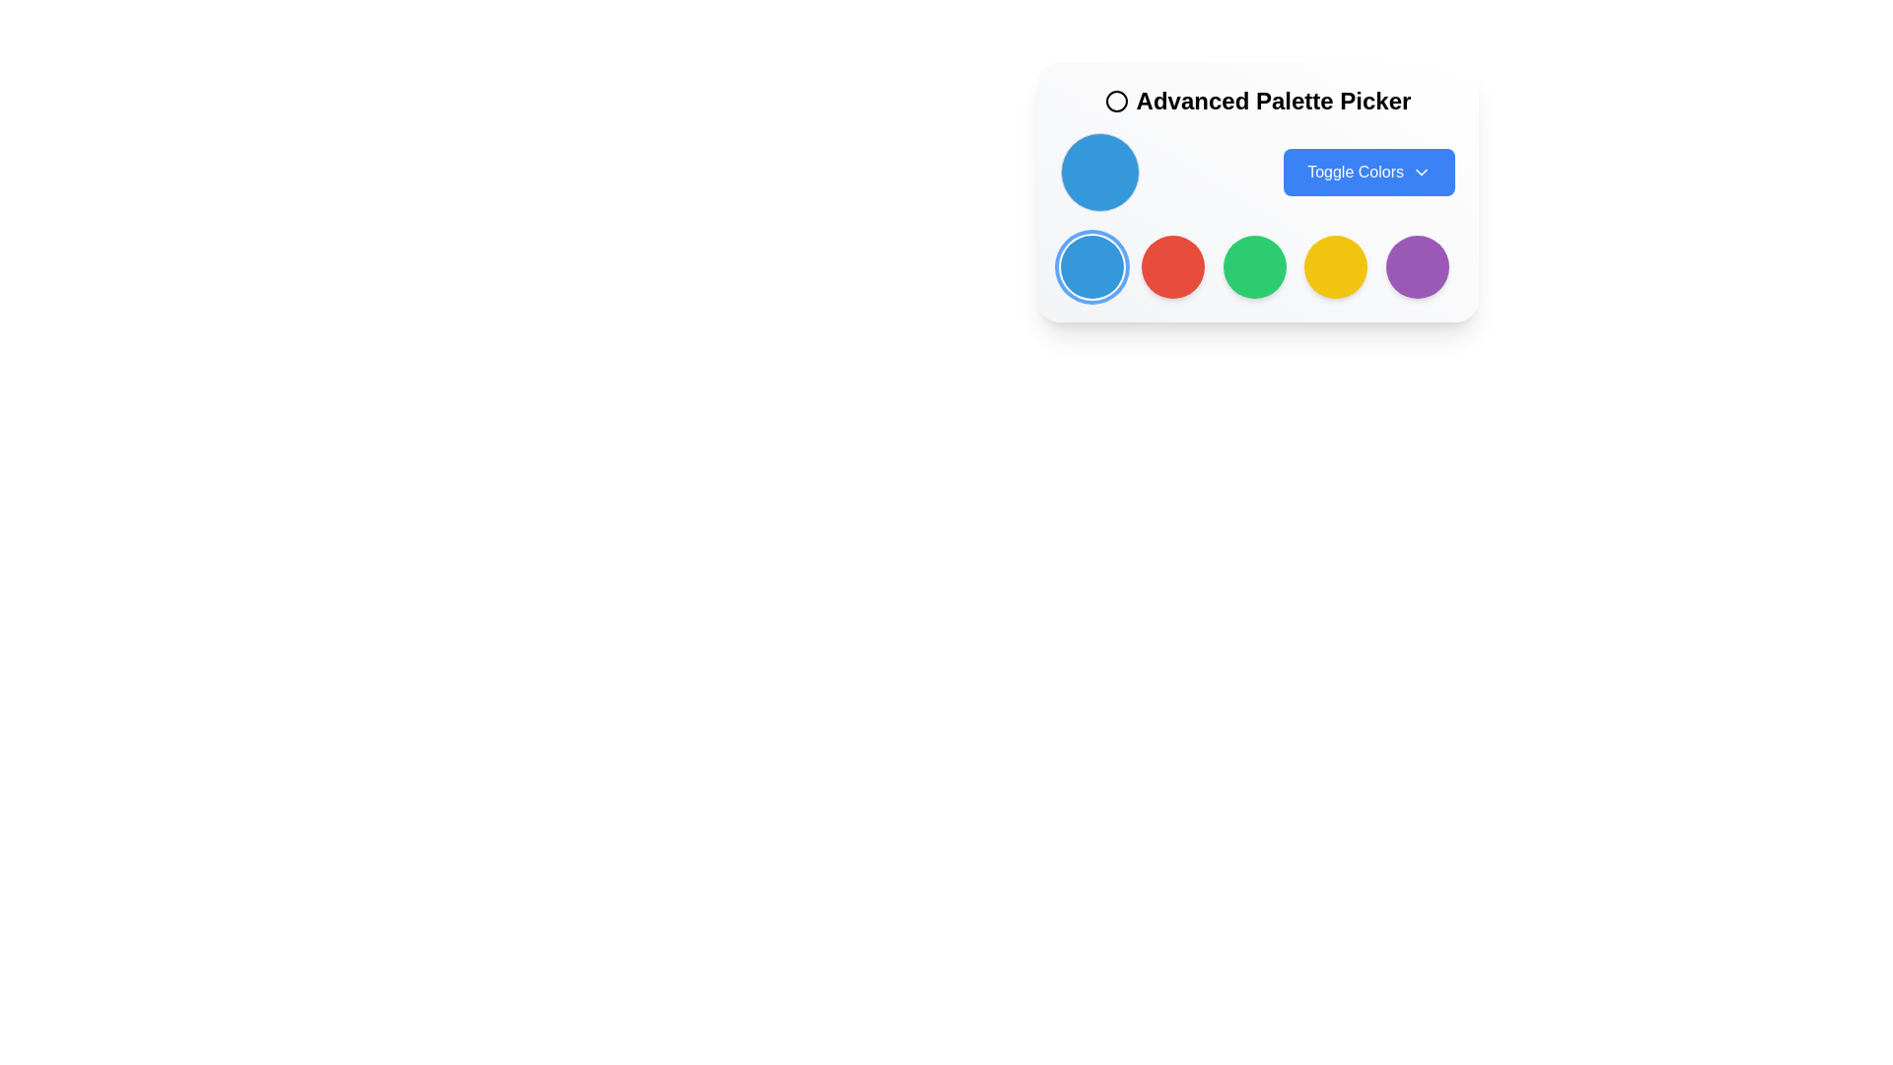 The height and width of the screenshot is (1065, 1893). Describe the element at coordinates (1421, 171) in the screenshot. I see `the downward chevron icon located at the right end of the 'Toggle Colors' button in the upper-right corner of the interface` at that location.